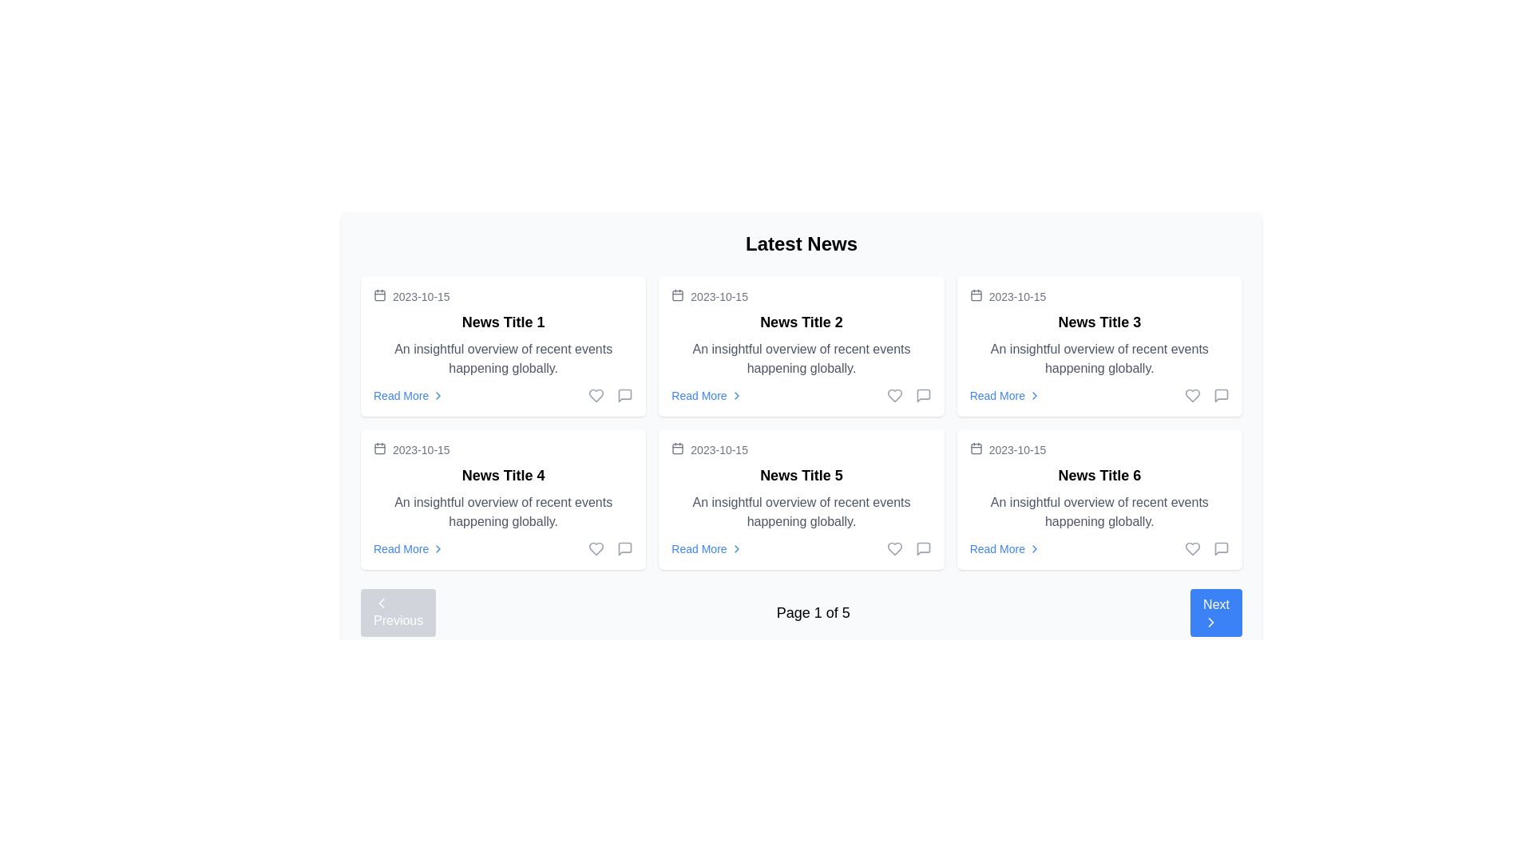  What do you see at coordinates (678, 295) in the screenshot?
I see `the decorative rectangle within the calendar icon located at the top-left corner of the 'News Title 2' card` at bounding box center [678, 295].